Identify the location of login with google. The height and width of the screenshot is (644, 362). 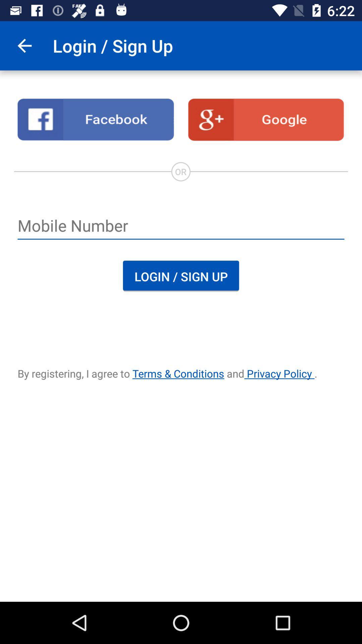
(266, 119).